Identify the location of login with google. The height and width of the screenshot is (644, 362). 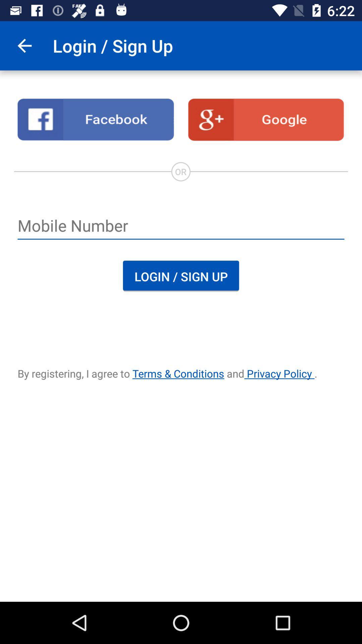
(266, 119).